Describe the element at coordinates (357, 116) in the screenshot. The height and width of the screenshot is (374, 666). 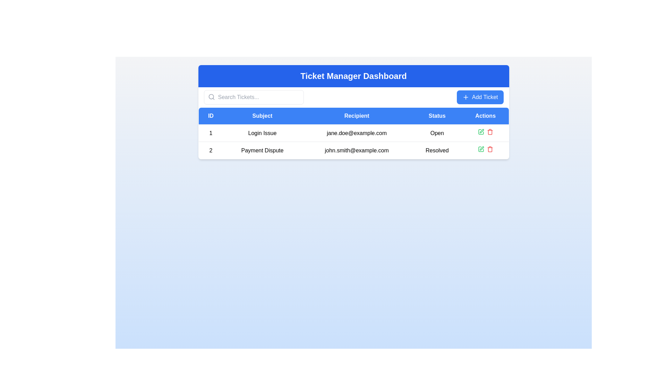
I see `the 'Recipient' header text in the table, which is a blue rectangle with white font, positioned as the third column header` at that location.